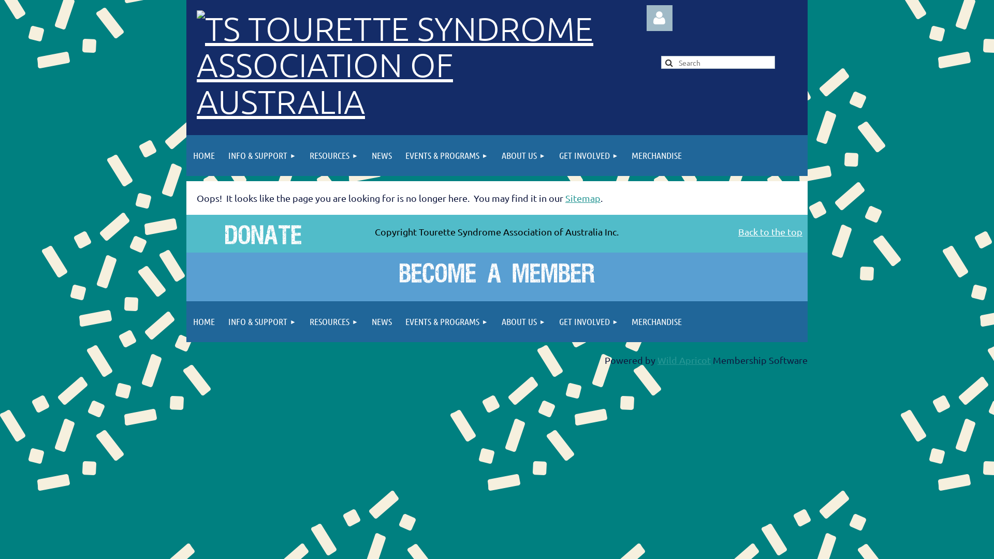  Describe the element at coordinates (398, 155) in the screenshot. I see `'EVENTS & PROGRAMS'` at that location.